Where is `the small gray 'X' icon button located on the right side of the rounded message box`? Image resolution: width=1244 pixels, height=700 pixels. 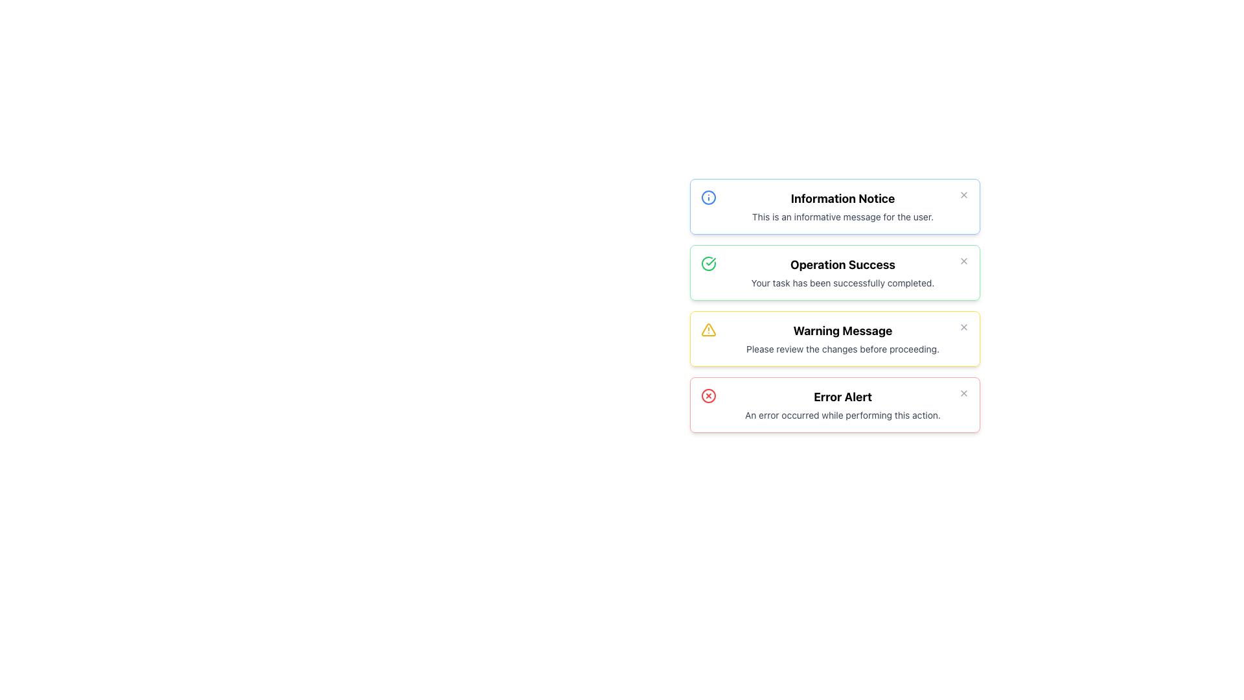
the small gray 'X' icon button located on the right side of the rounded message box is located at coordinates (964, 194).